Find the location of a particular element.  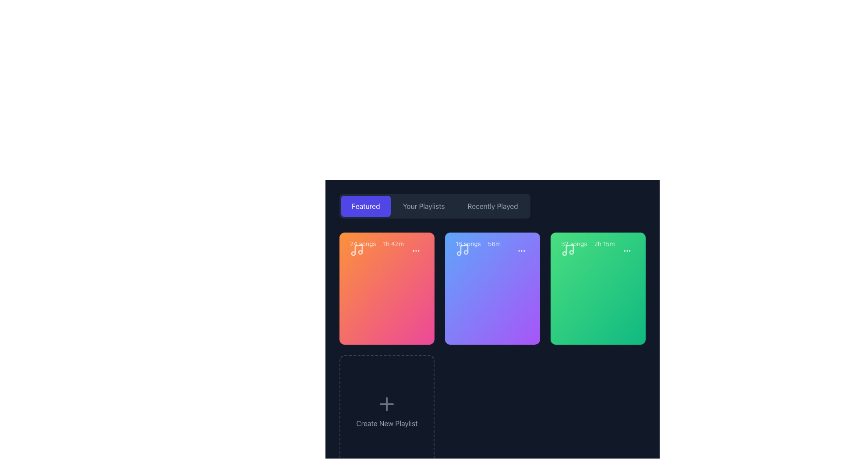

the green rectangular Playlist card that displays '32 songs 2h 15m' is located at coordinates (597, 289).